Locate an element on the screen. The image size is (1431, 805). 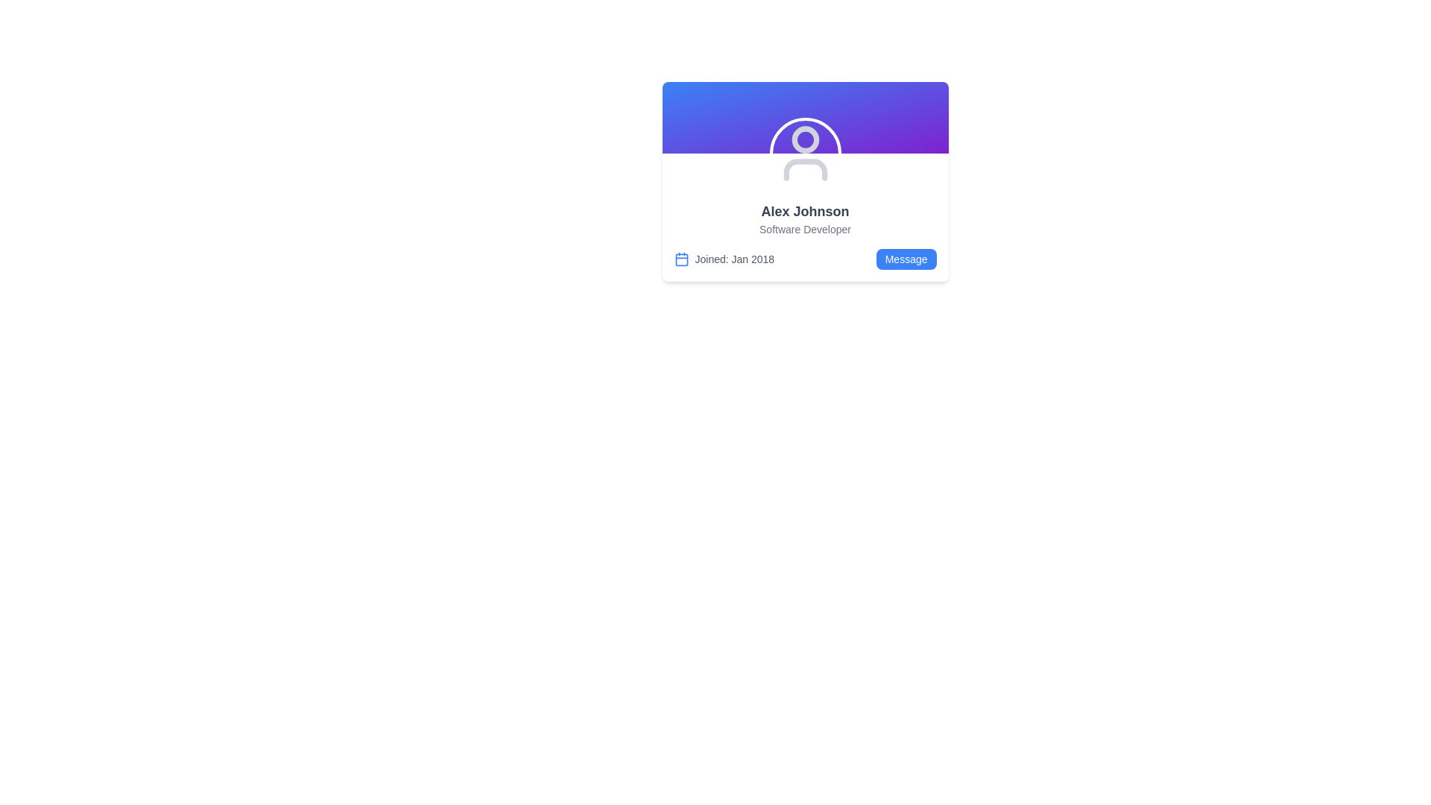
the calendar icon located to the far left of the text 'Joined: Jan 2018' is located at coordinates (680, 258).